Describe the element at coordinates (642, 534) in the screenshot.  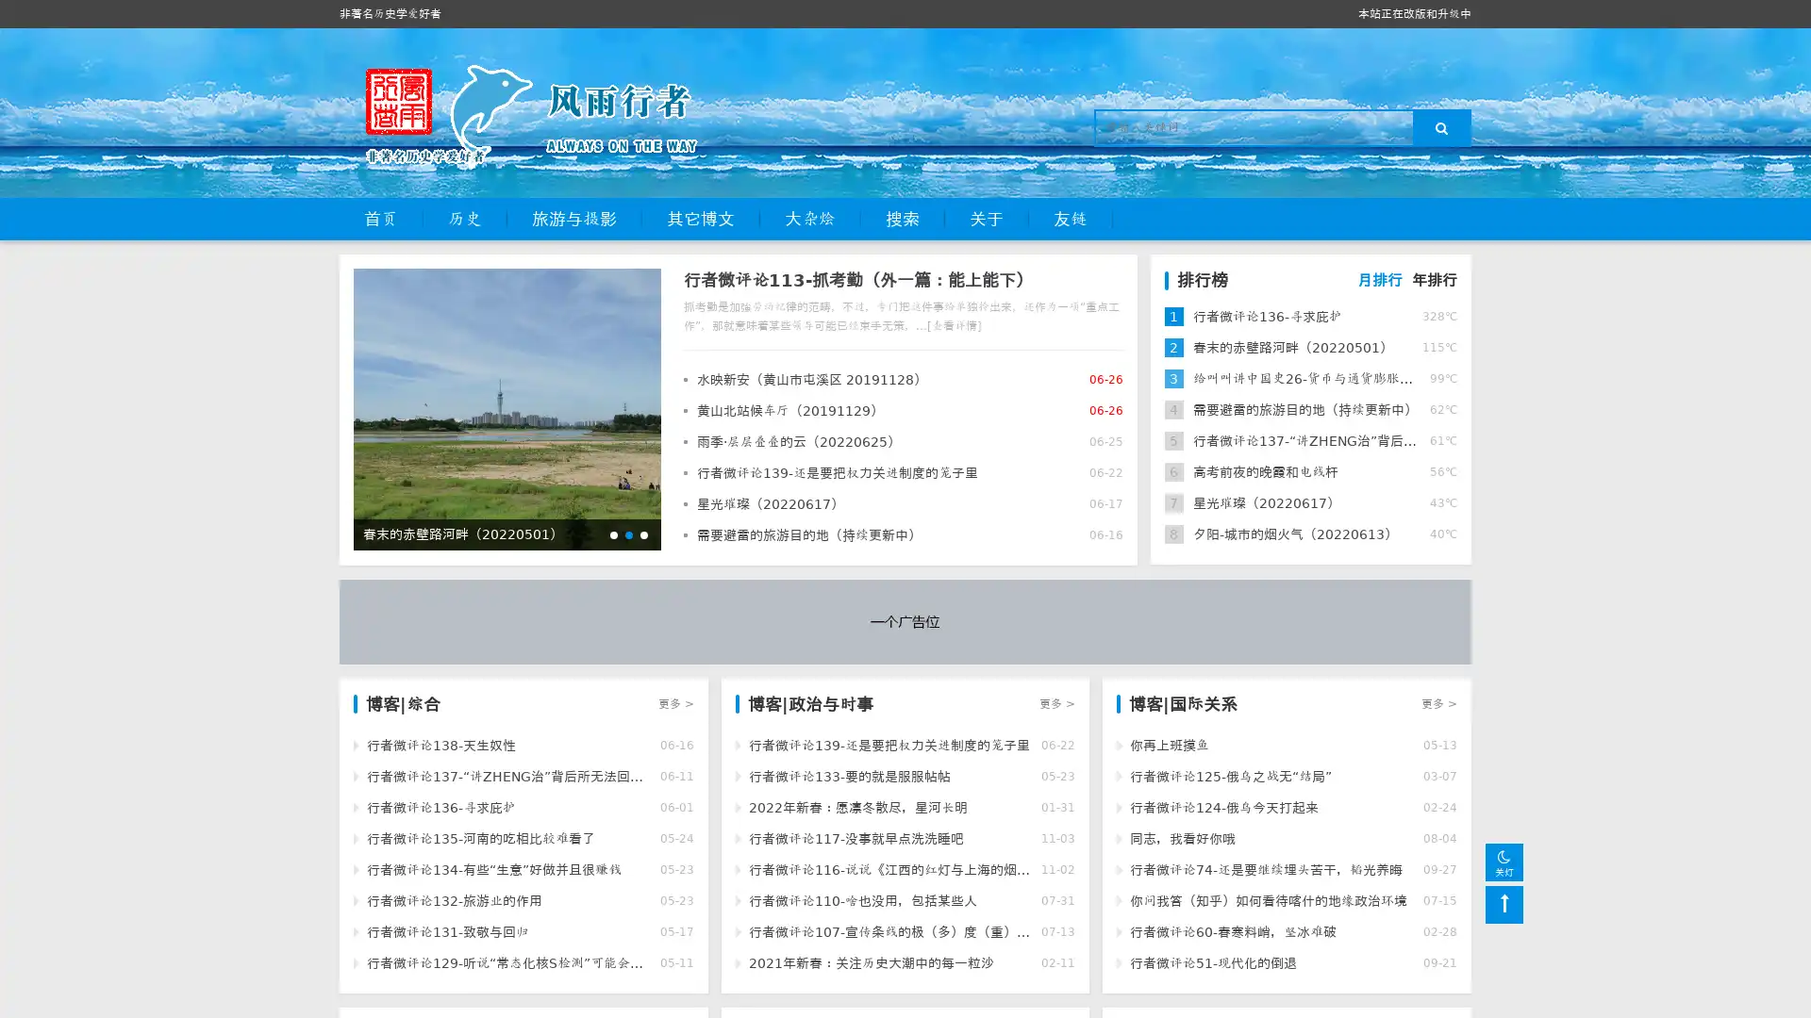
I see `Go to slide 3` at that location.